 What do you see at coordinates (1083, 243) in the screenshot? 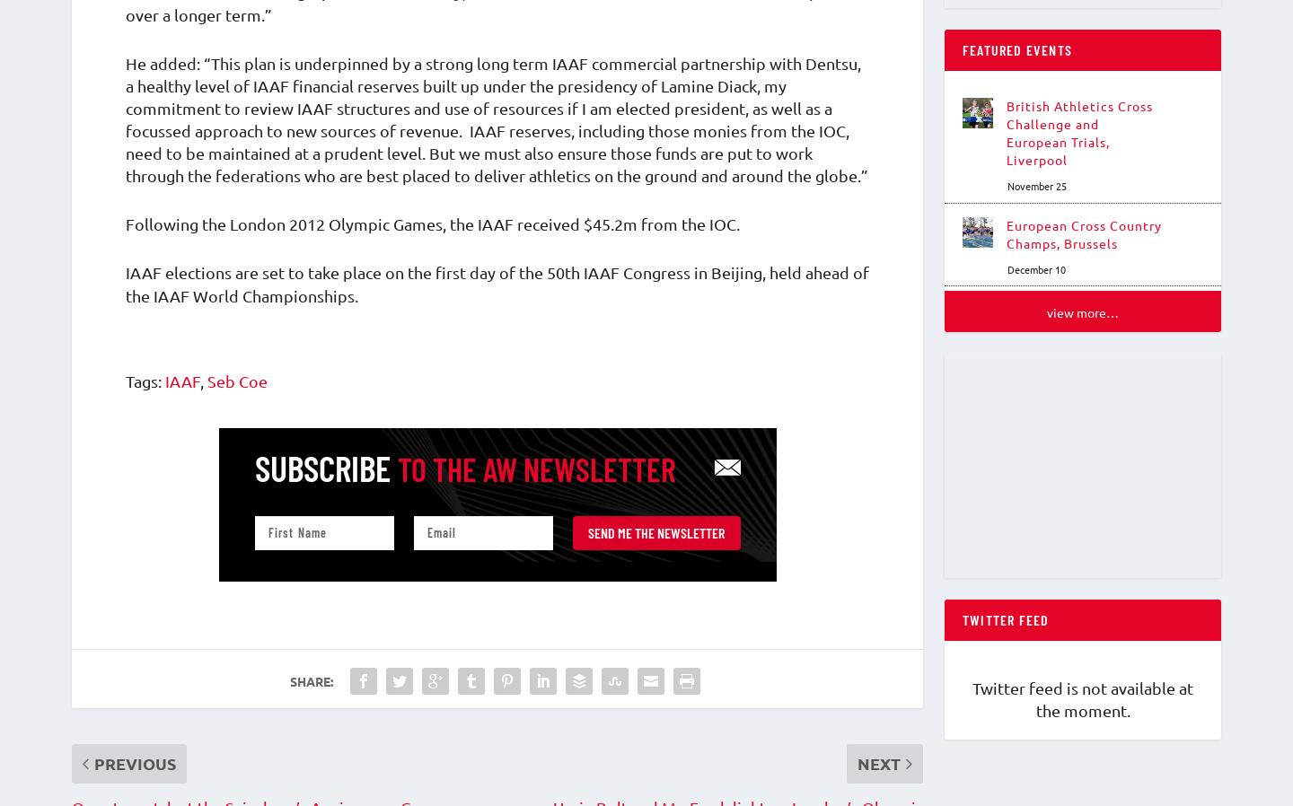
I see `'European Cross Country Champs, Brussels'` at bounding box center [1083, 243].